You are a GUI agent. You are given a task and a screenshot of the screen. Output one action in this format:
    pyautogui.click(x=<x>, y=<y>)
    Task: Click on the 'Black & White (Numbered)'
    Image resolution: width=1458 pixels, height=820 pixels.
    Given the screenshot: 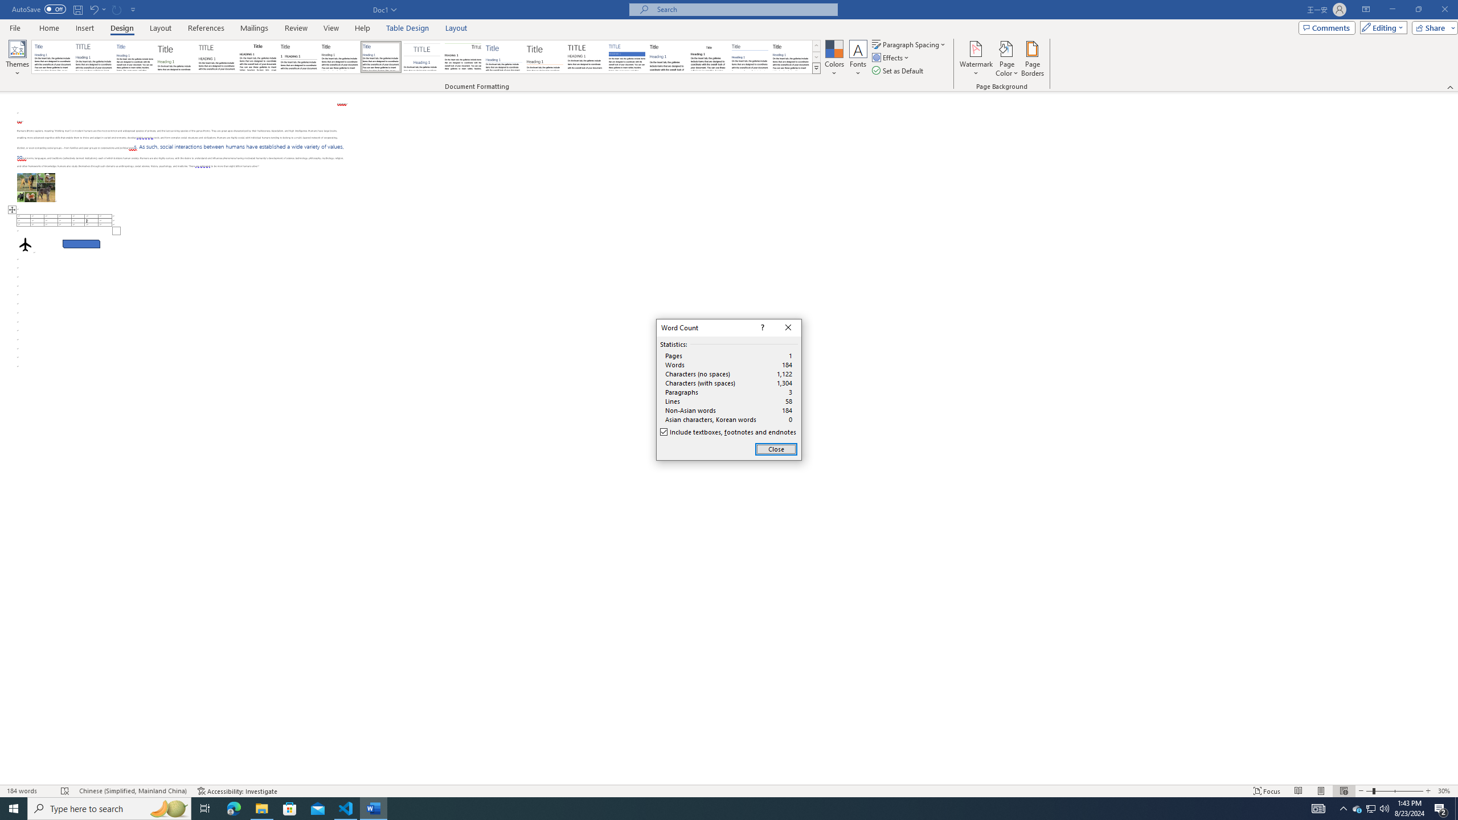 What is the action you would take?
    pyautogui.click(x=298, y=56)
    